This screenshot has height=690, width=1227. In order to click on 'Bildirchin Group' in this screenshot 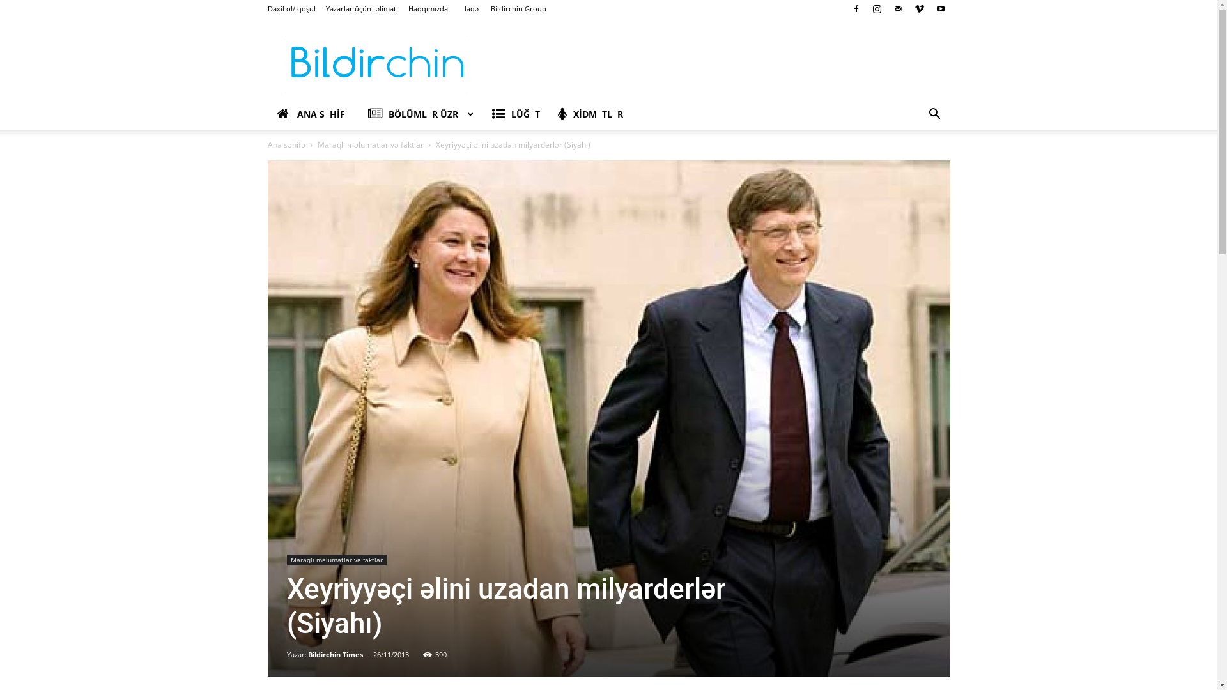, I will do `click(518, 8)`.